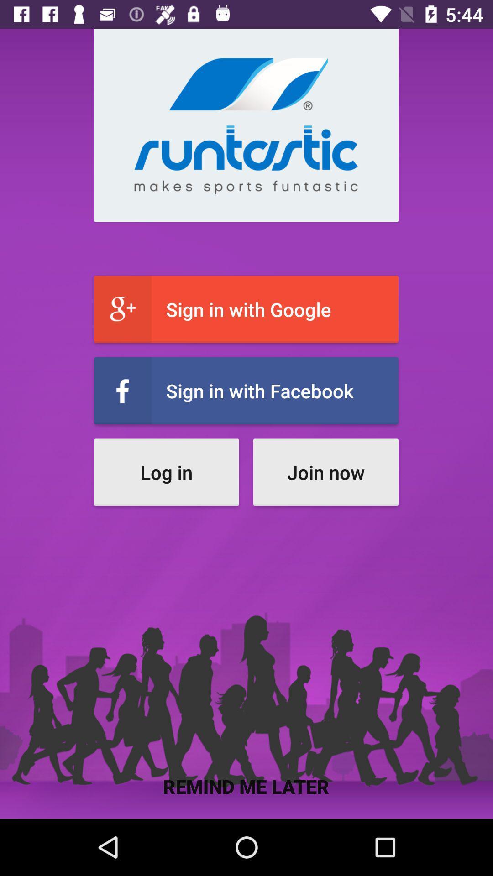  What do you see at coordinates (166, 472) in the screenshot?
I see `icon above remind me later item` at bounding box center [166, 472].